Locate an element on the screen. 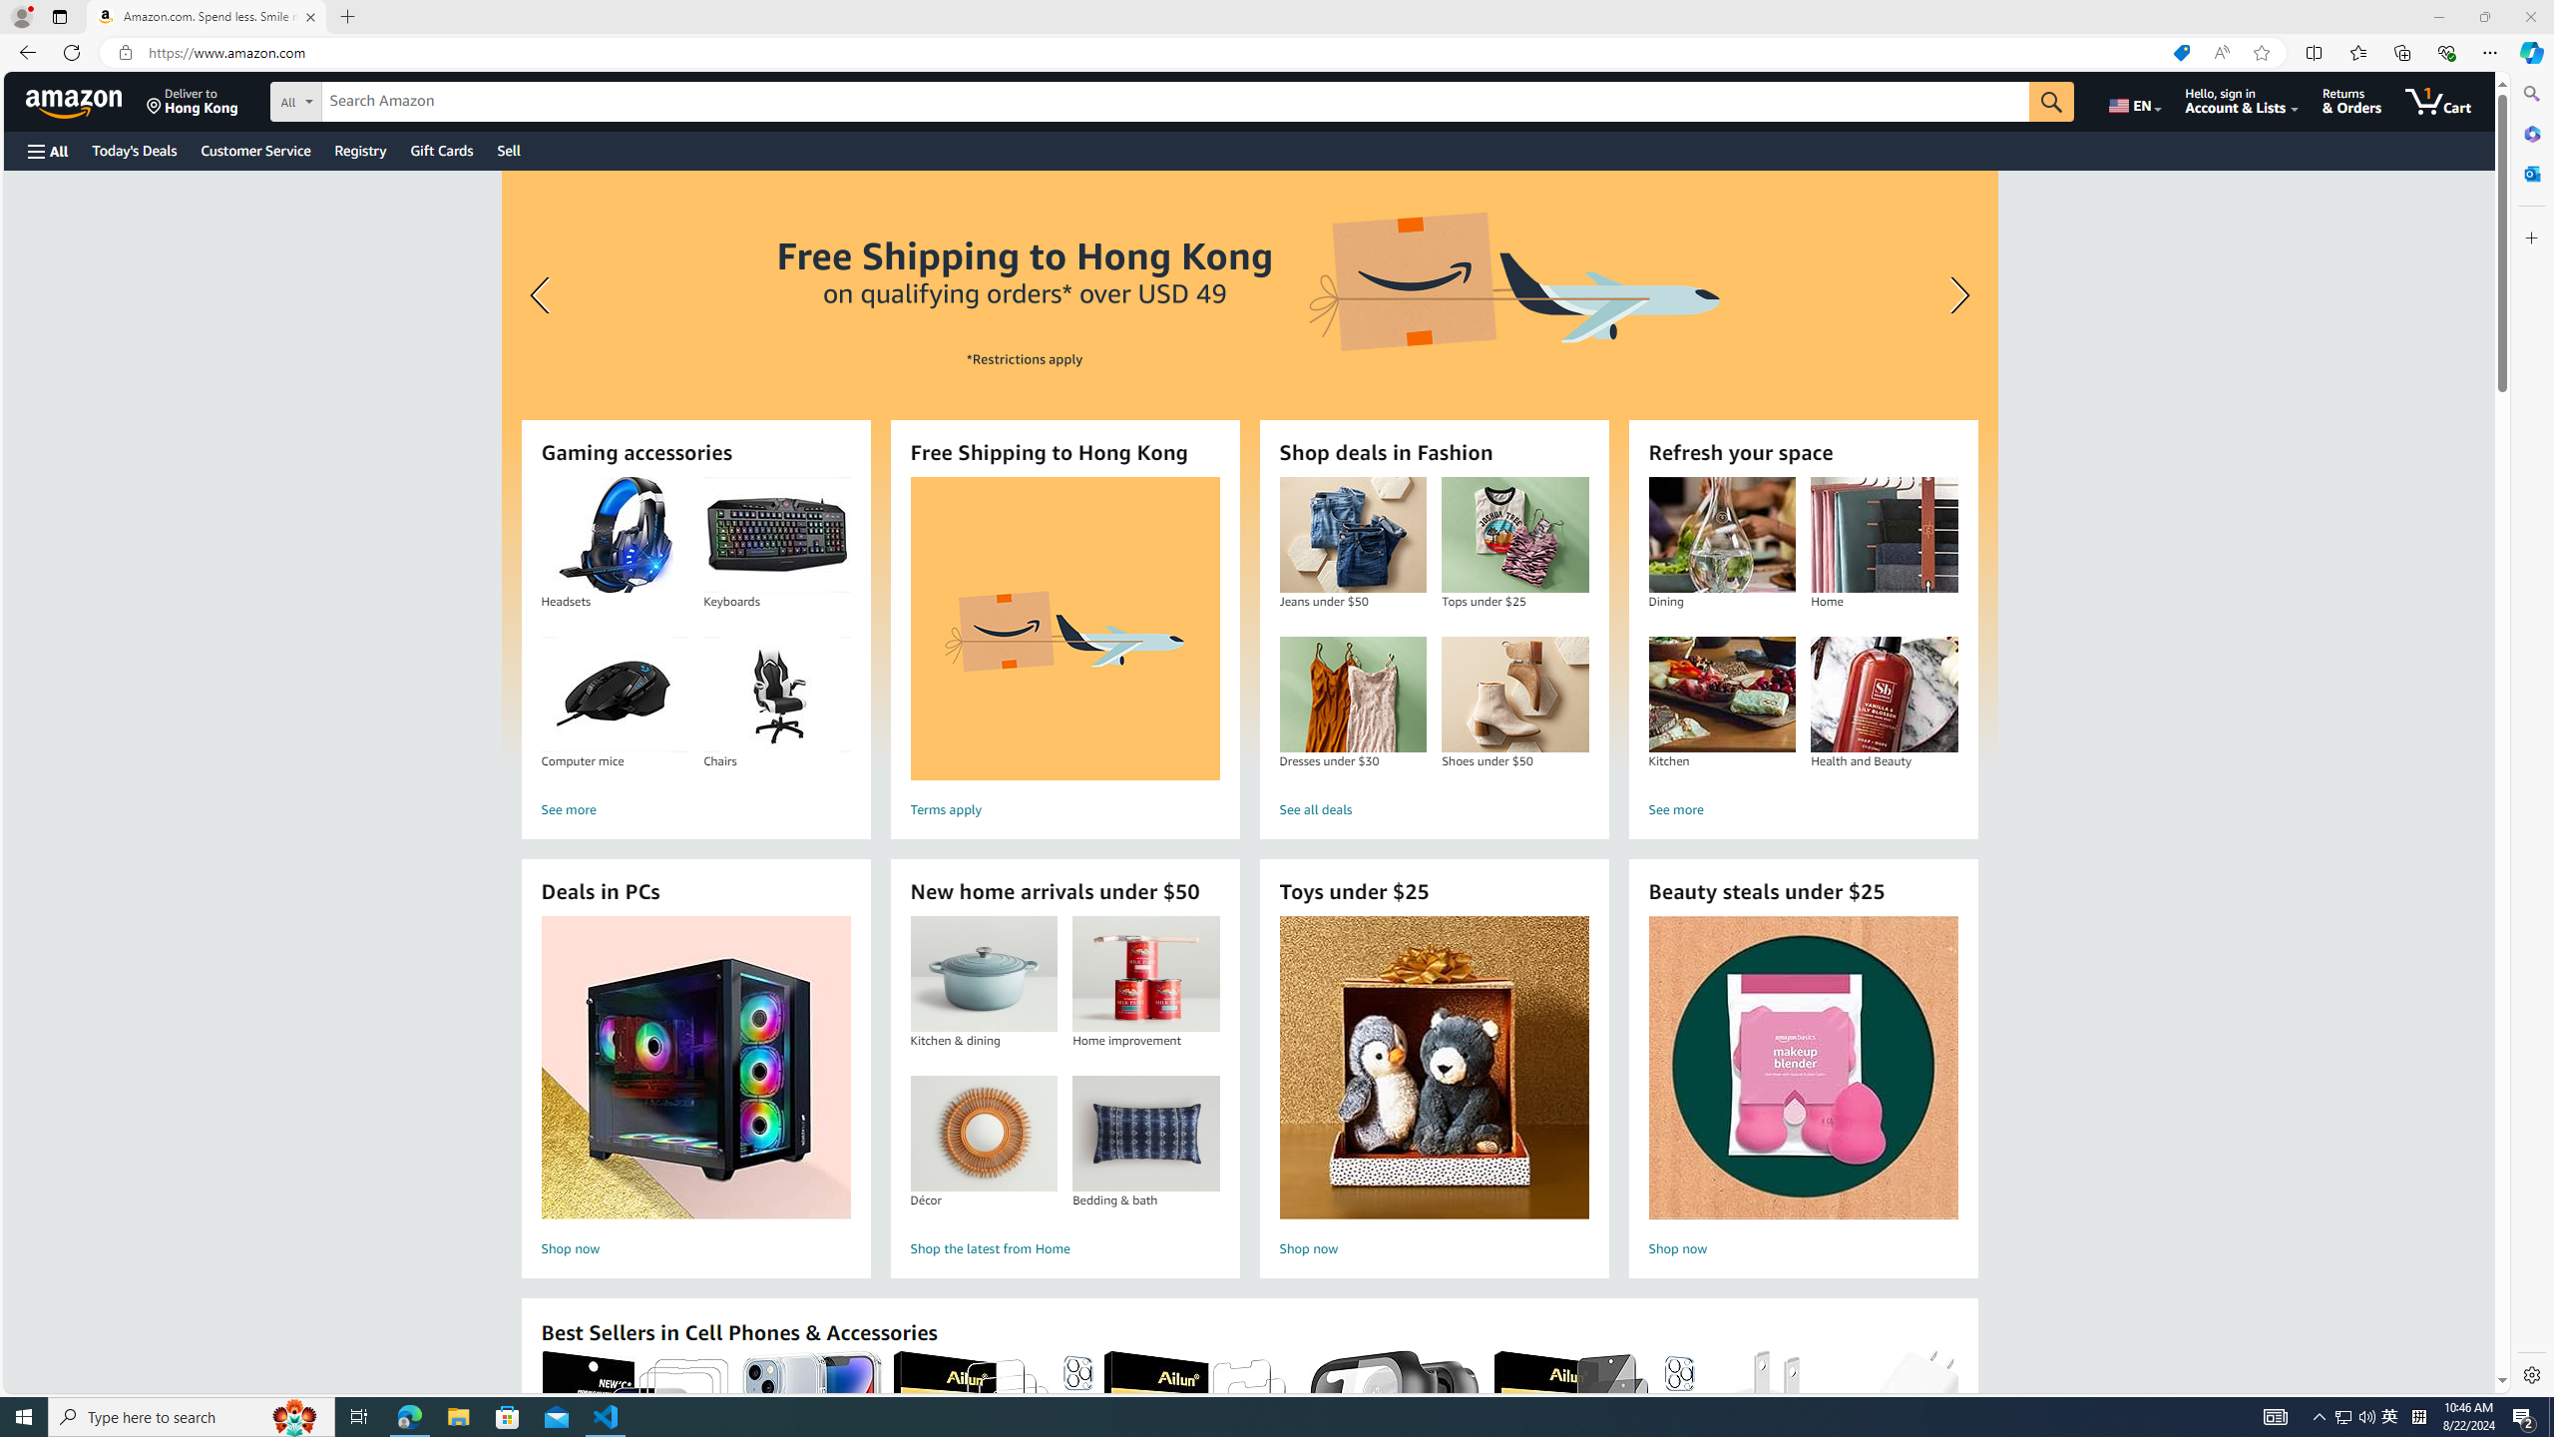 The width and height of the screenshot is (2554, 1437). 'Refresh' is located at coordinates (70, 51).